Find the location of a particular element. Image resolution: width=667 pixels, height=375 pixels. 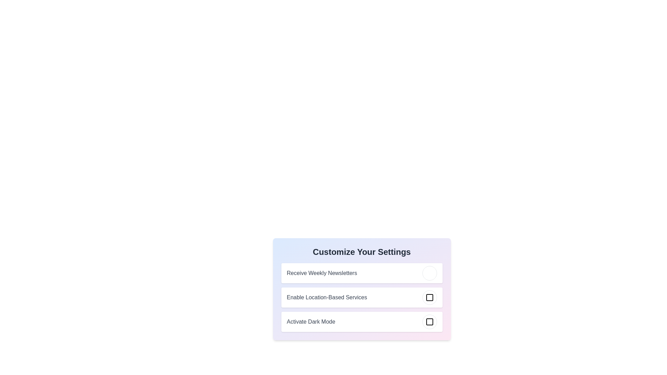

the state of the checkmark icon indicating the successful selection of 'Receive Weekly Newsletters' is located at coordinates (430, 272).